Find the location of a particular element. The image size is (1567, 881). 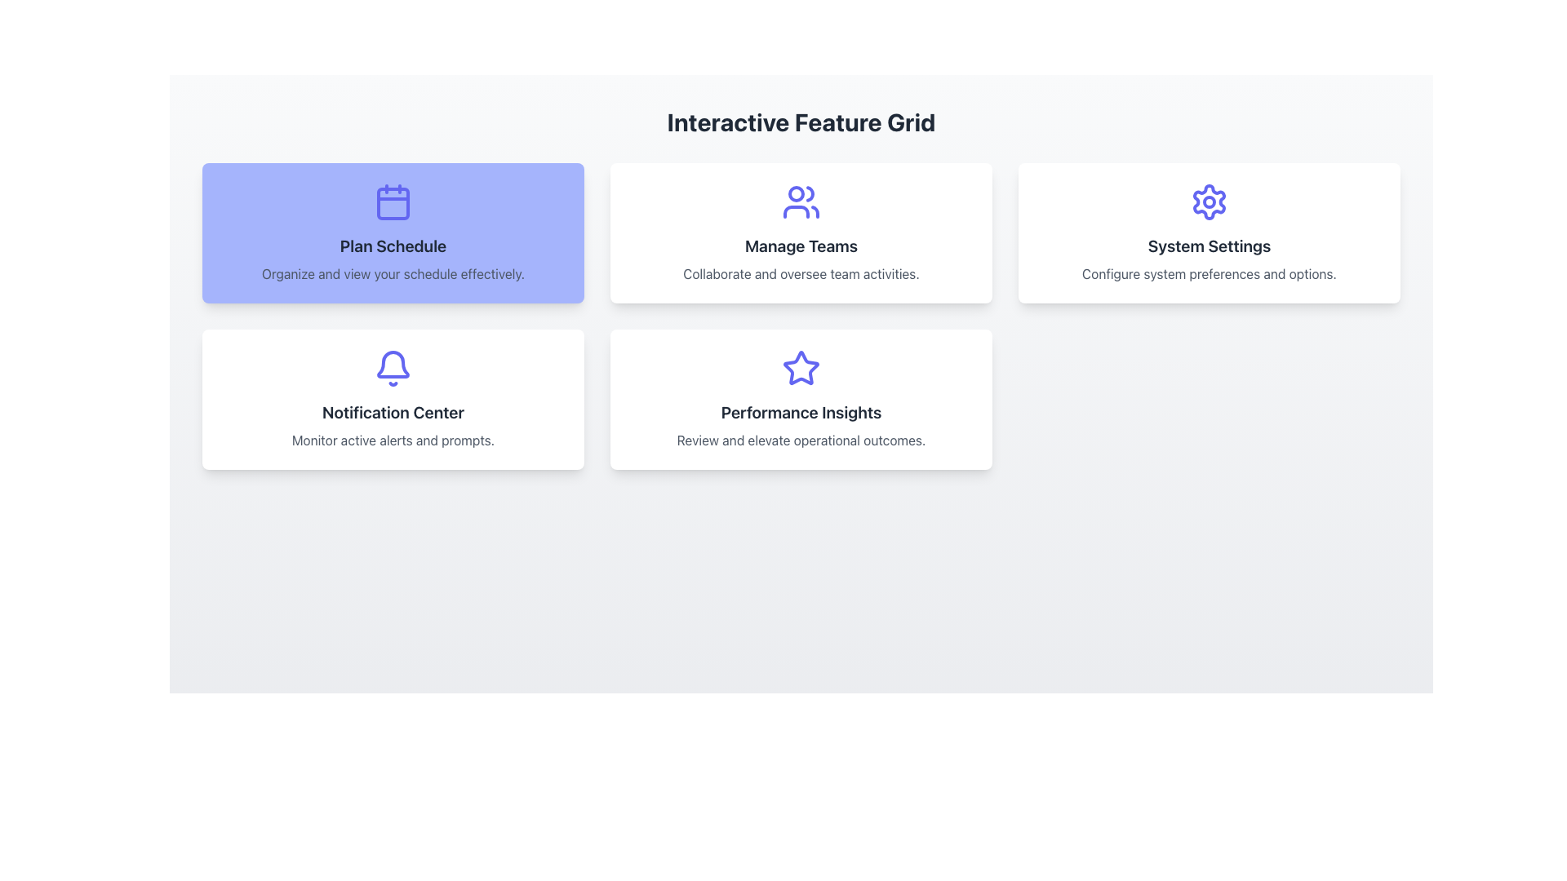

the fourth card in the grid layout, which serves as an entry point for the 'Notification Center' is located at coordinates (393, 399).